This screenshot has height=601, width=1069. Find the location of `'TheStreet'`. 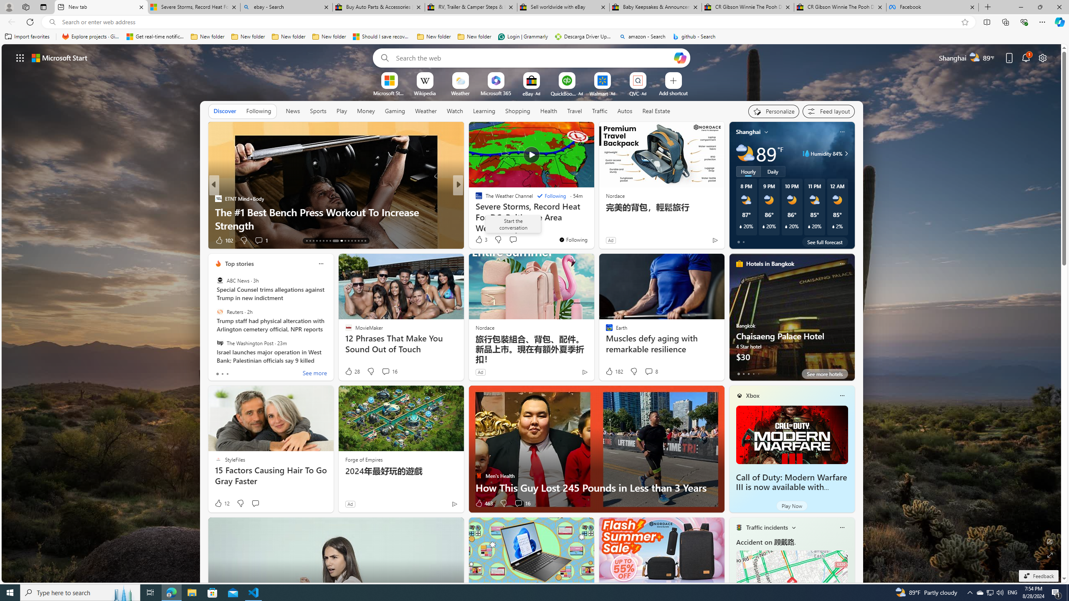

'TheStreet' is located at coordinates (475, 211).